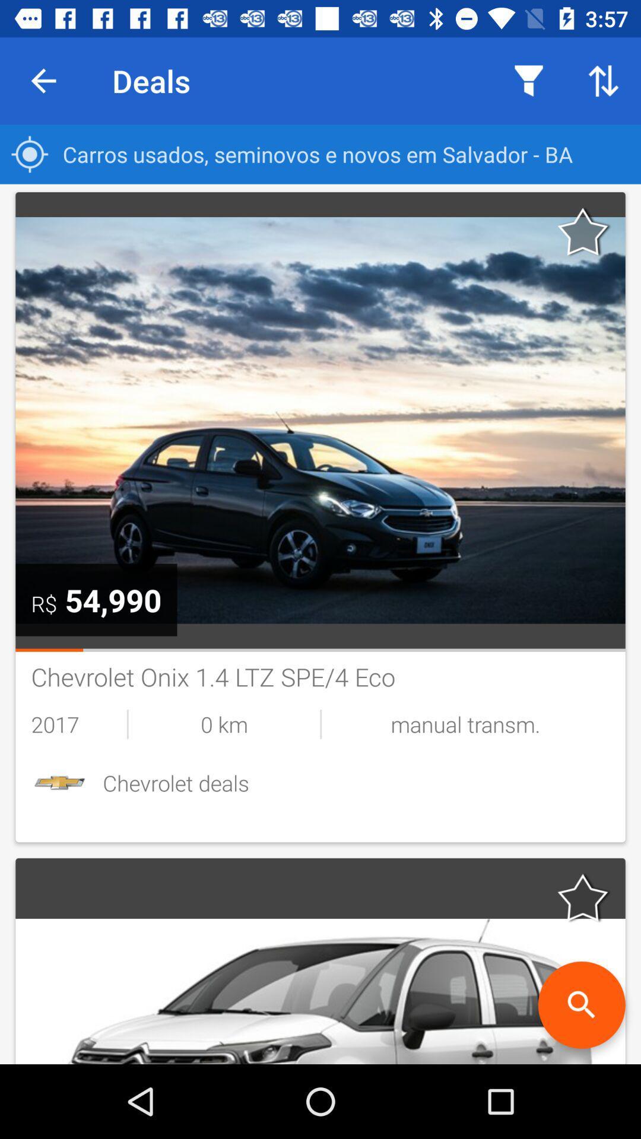 The image size is (641, 1139). What do you see at coordinates (604, 80) in the screenshot?
I see `the icon above the carros usados seminovos icon` at bounding box center [604, 80].